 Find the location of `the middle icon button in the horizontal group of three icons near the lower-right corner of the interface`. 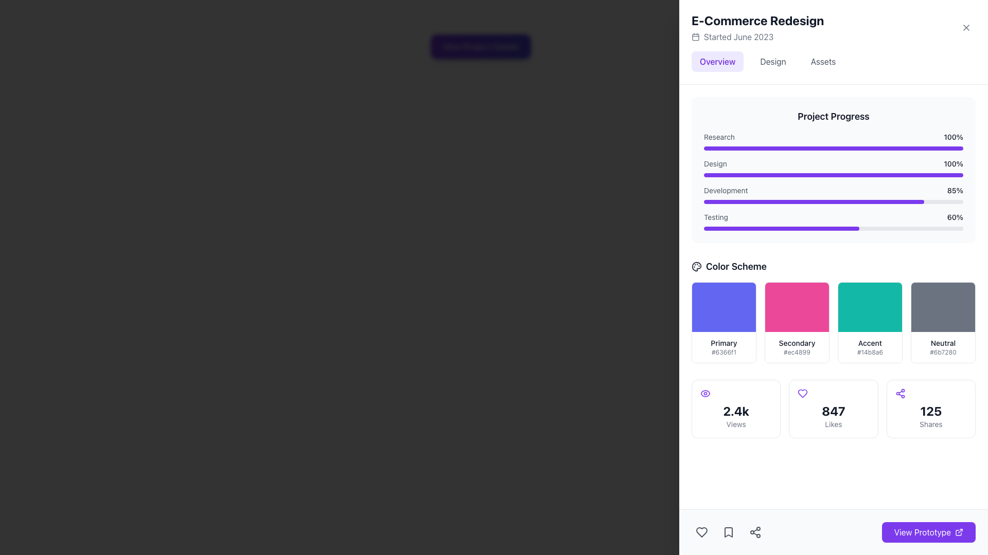

the middle icon button in the horizontal group of three icons near the lower-right corner of the interface is located at coordinates (728, 532).